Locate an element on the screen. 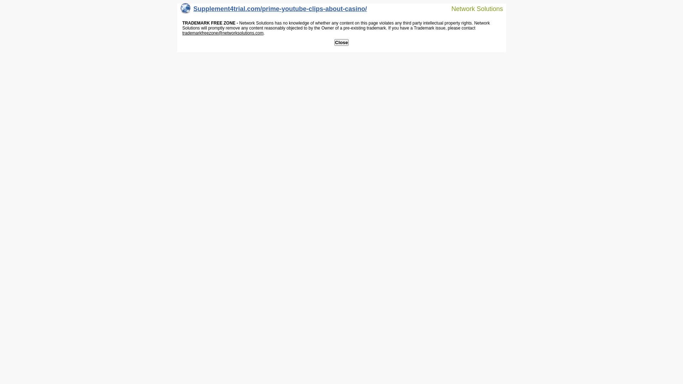 The height and width of the screenshot is (384, 683). 'trademarkfreezone@networksolutions.com' is located at coordinates (222, 33).